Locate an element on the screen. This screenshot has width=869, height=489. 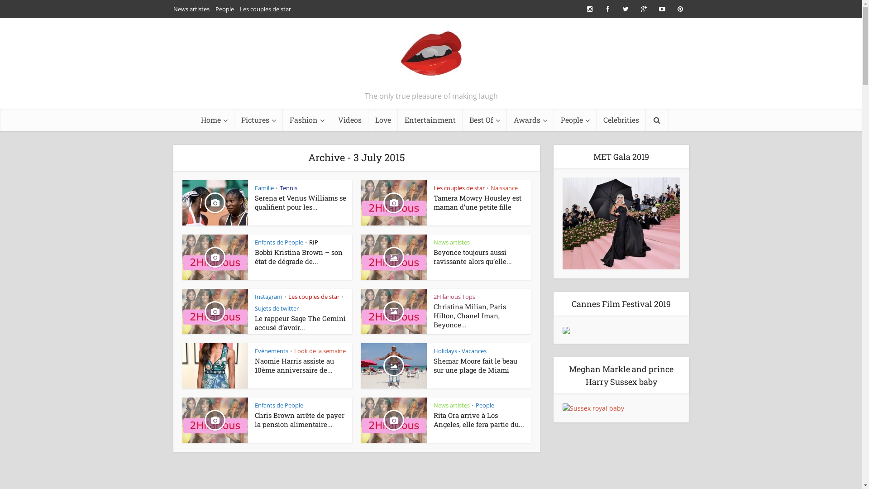
'News artistes' is located at coordinates (173, 9).